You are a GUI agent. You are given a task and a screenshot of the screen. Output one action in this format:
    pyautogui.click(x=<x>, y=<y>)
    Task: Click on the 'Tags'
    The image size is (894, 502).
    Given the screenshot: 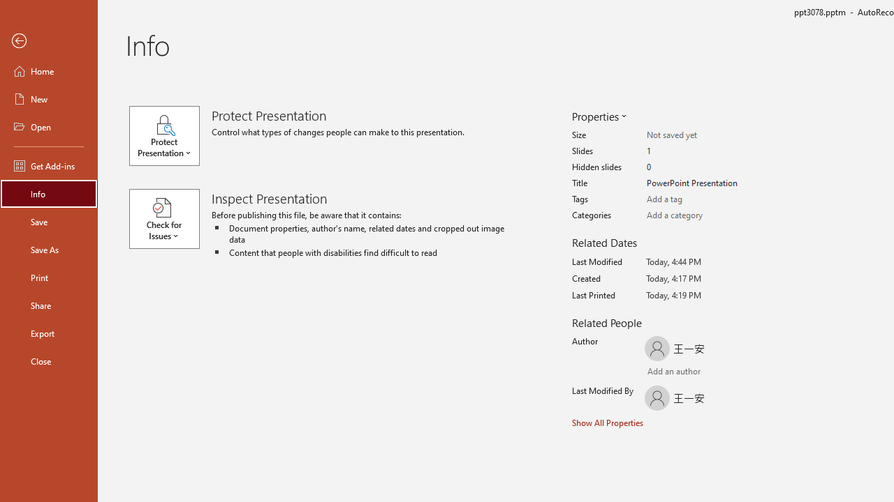 What is the action you would take?
    pyautogui.click(x=701, y=199)
    